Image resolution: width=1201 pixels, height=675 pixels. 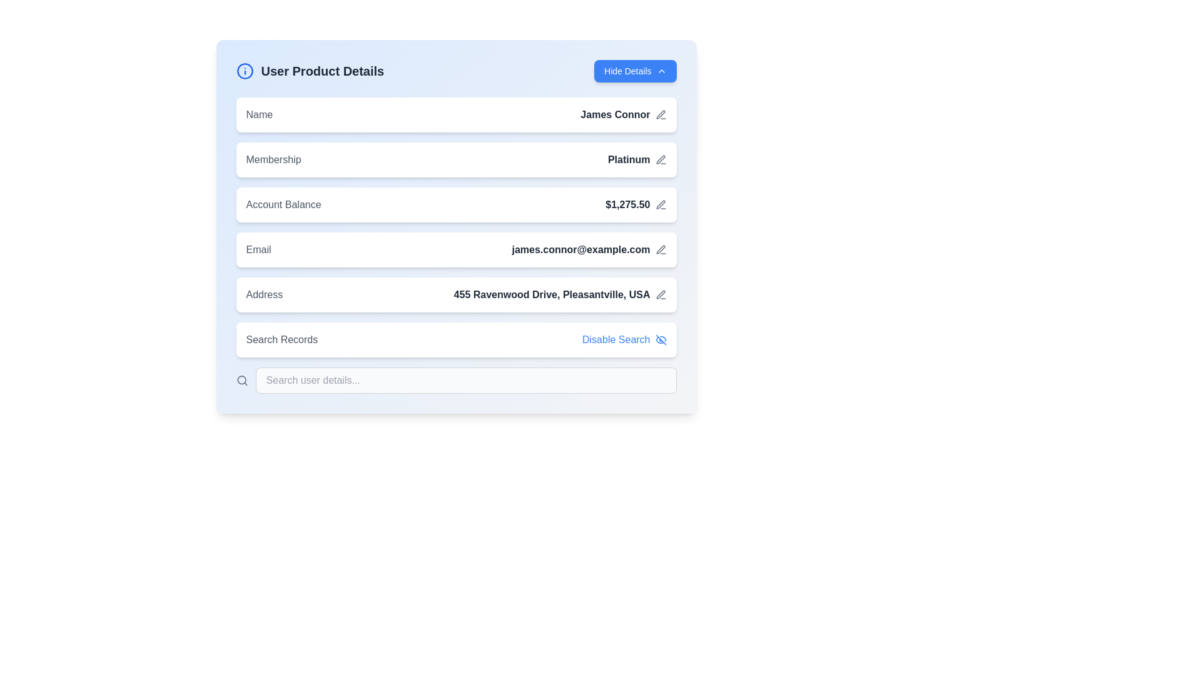 I want to click on the Text label displaying the user's address, which is positioned in the 'Address' section of the user details card, next to the pen icon, so click(x=559, y=294).